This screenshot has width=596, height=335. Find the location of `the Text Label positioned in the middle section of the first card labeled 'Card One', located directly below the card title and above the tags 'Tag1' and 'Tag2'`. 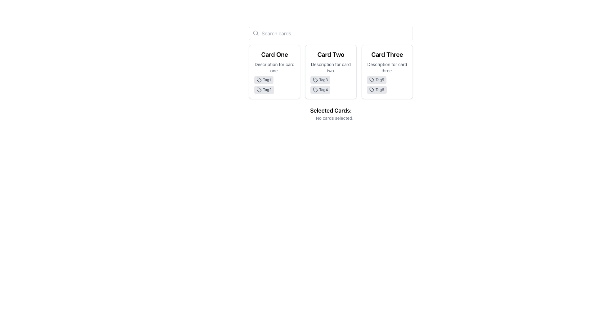

the Text Label positioned in the middle section of the first card labeled 'Card One', located directly below the card title and above the tags 'Tag1' and 'Tag2' is located at coordinates (274, 68).